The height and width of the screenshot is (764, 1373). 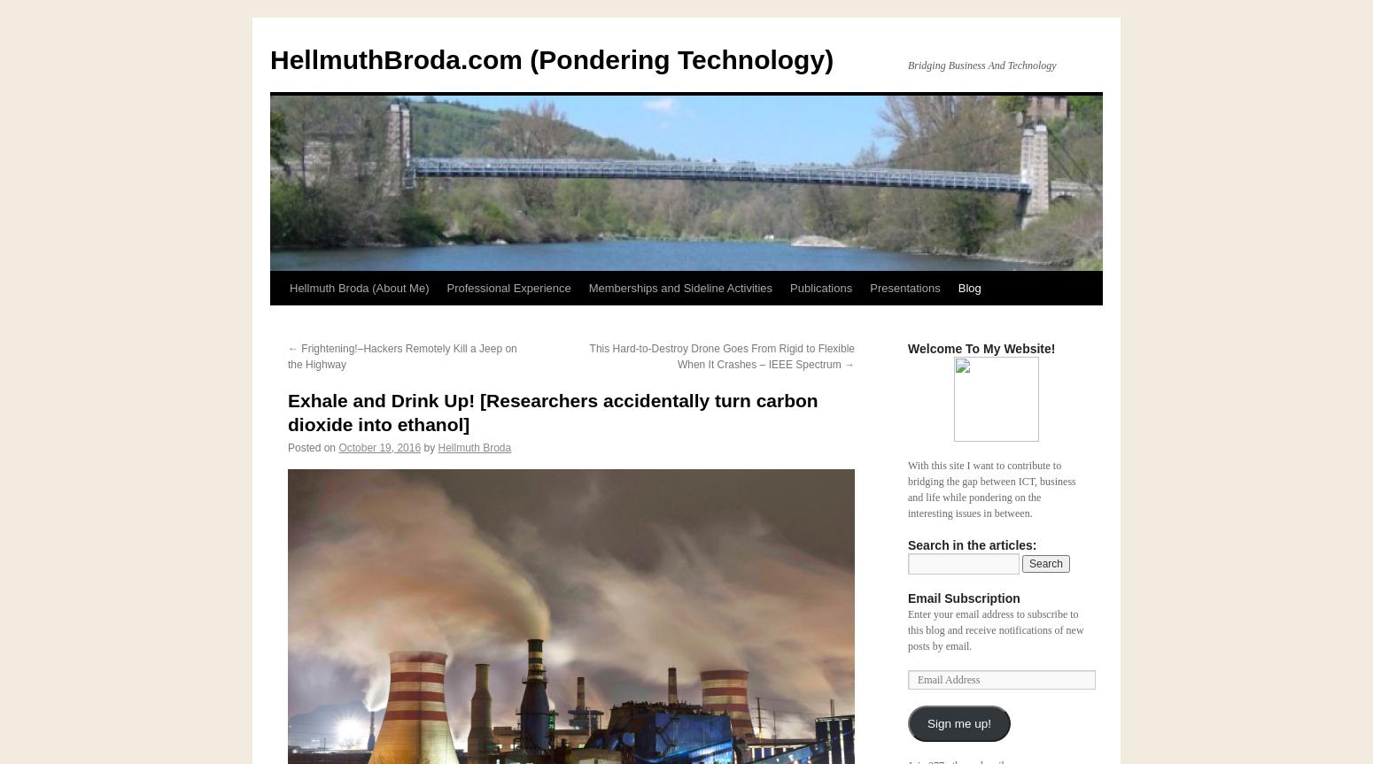 What do you see at coordinates (379, 446) in the screenshot?
I see `'October 19, 2016'` at bounding box center [379, 446].